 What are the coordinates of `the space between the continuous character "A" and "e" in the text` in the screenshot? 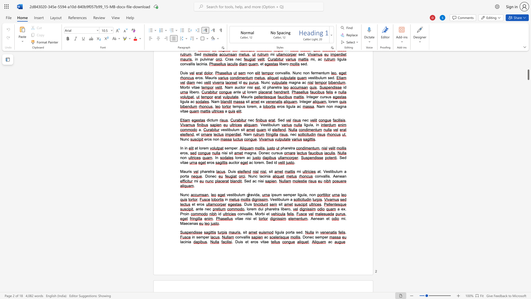 It's located at (335, 176).